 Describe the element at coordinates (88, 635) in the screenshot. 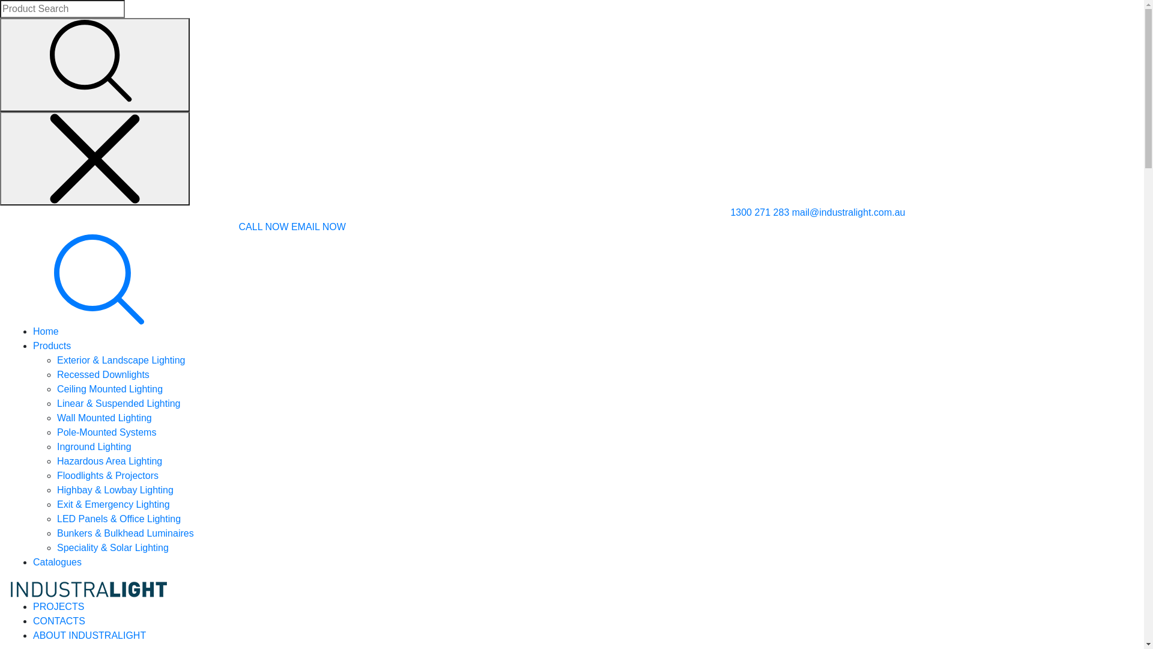

I see `'ABOUT INDUSTRALIGHT'` at that location.